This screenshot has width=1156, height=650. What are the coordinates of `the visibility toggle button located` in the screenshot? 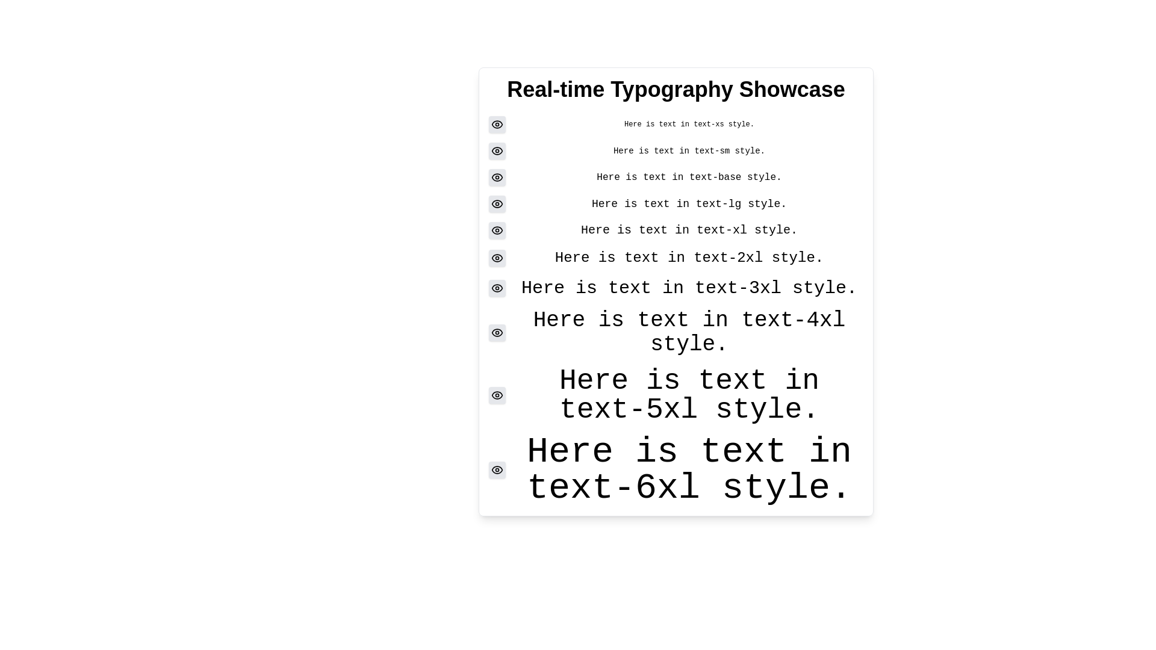 It's located at (497, 332).